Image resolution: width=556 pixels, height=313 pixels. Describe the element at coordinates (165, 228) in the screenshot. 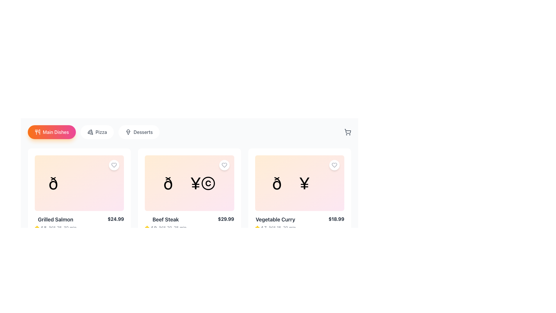

I see `the Text Label displaying the rating '4.9' and estimated time '20-25 min' on the 'Beef Steak' card, located at the bottom portion of the card` at that location.